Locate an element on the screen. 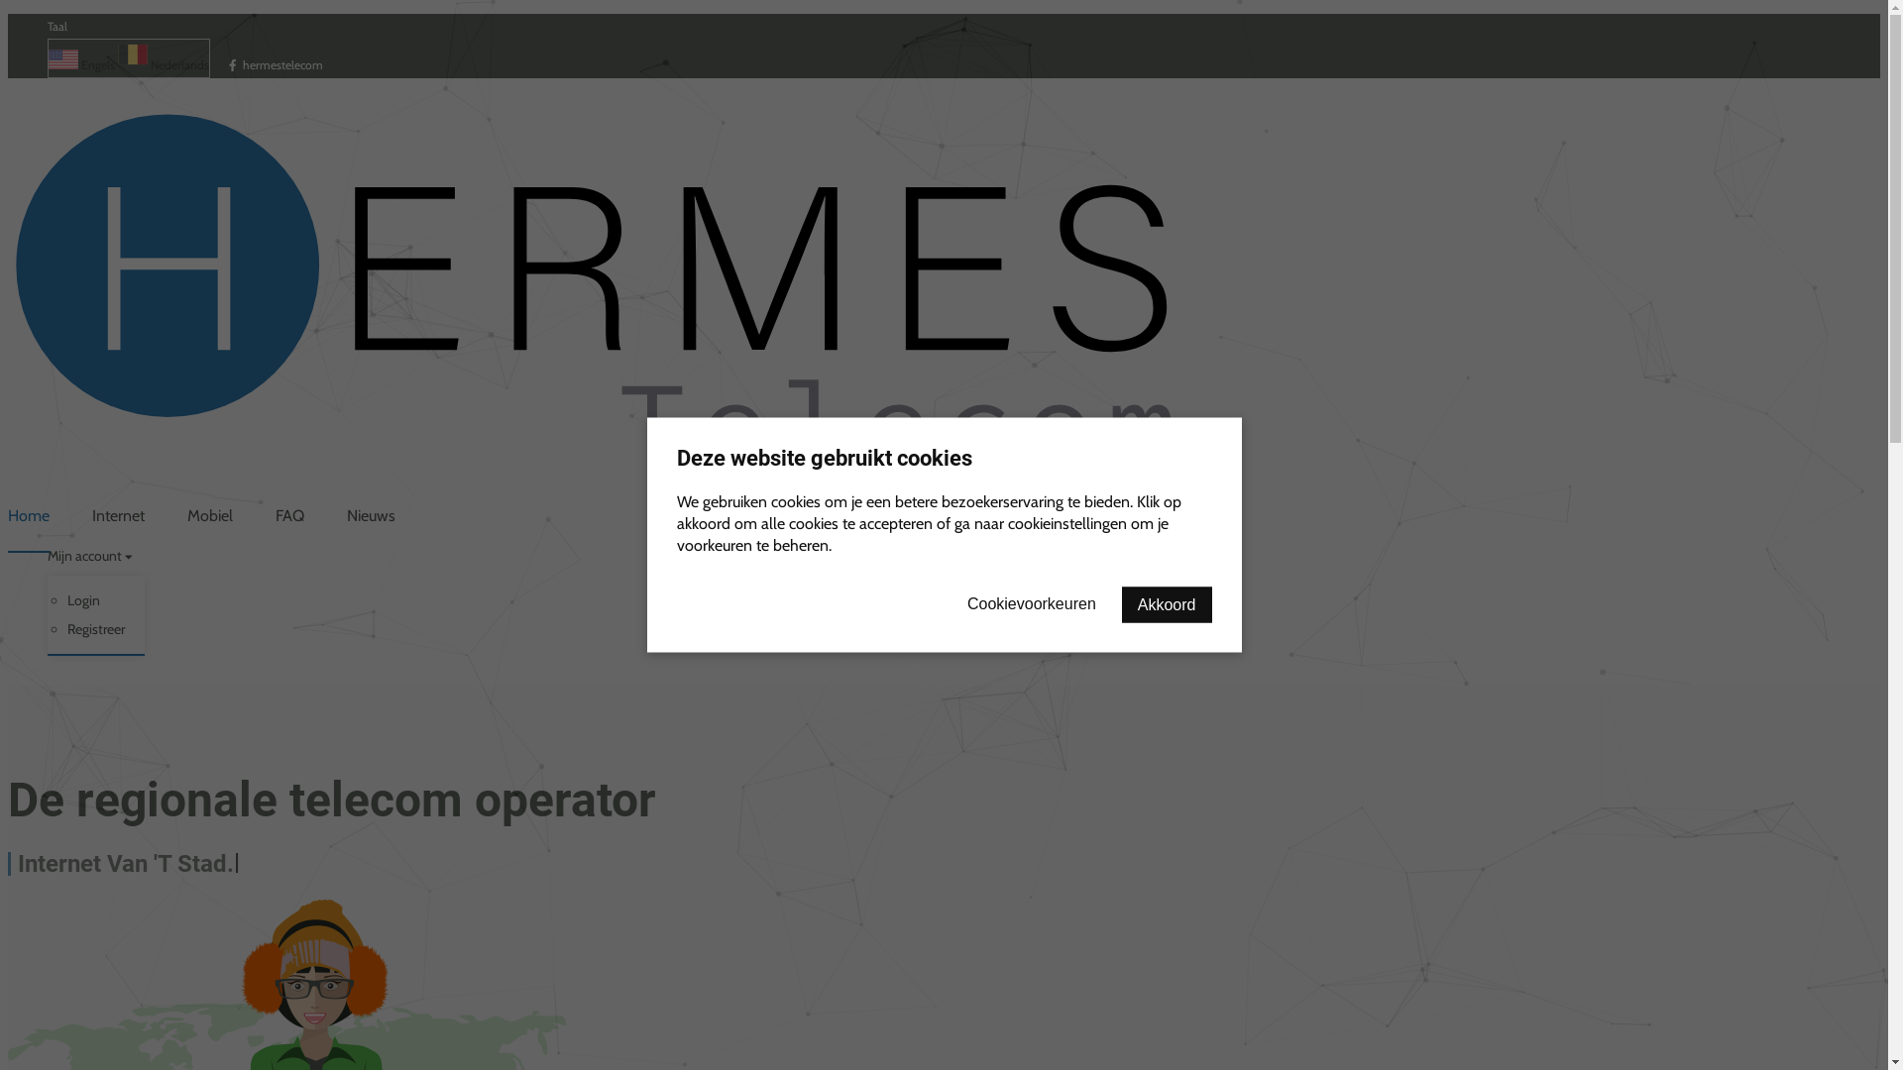 This screenshot has height=1070, width=1903. 'Nieuws' is located at coordinates (371, 514).